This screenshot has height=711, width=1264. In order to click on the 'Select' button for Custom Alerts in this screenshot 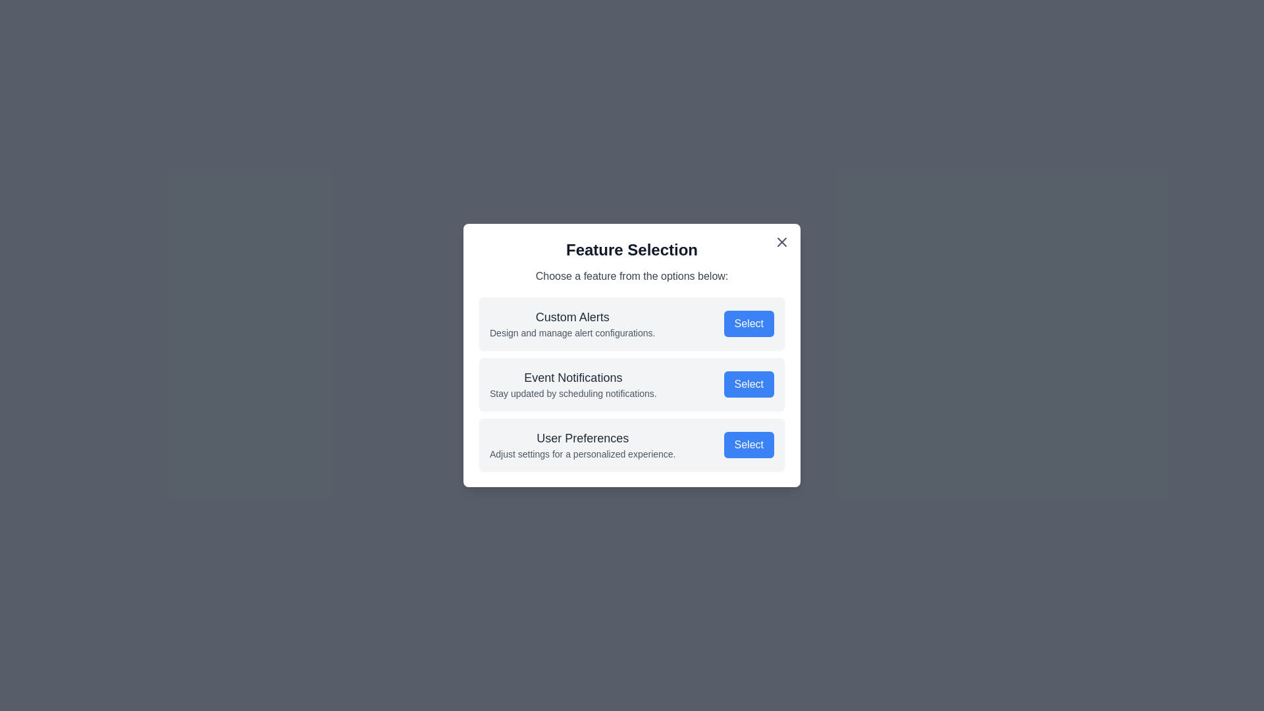, I will do `click(749, 324)`.